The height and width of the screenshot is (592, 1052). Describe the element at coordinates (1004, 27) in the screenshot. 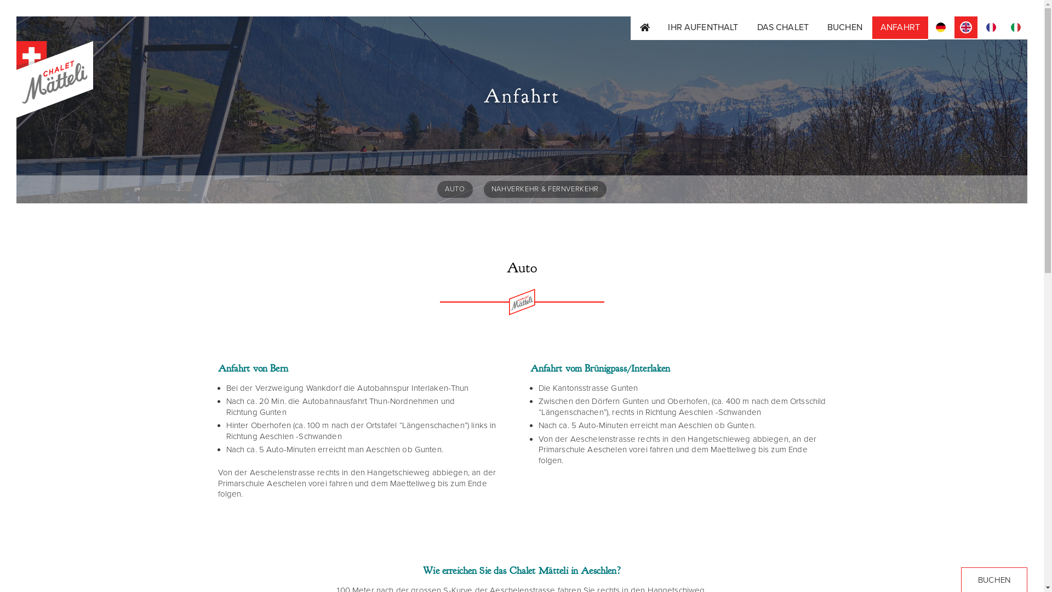

I see `'Italian'` at that location.